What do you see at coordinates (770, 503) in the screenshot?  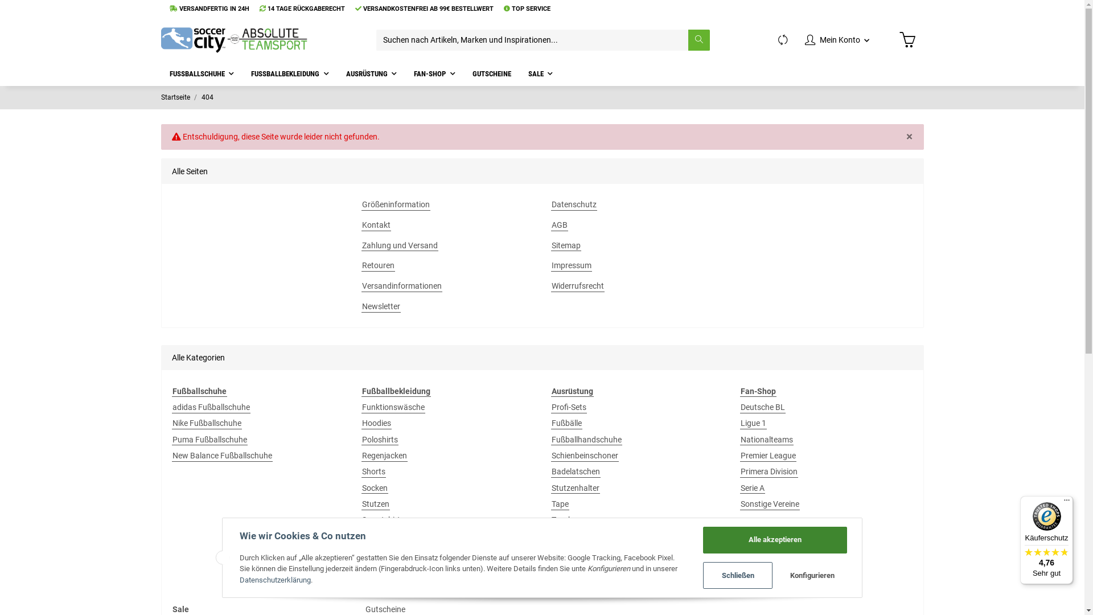 I see `'Sonstige Vereine'` at bounding box center [770, 503].